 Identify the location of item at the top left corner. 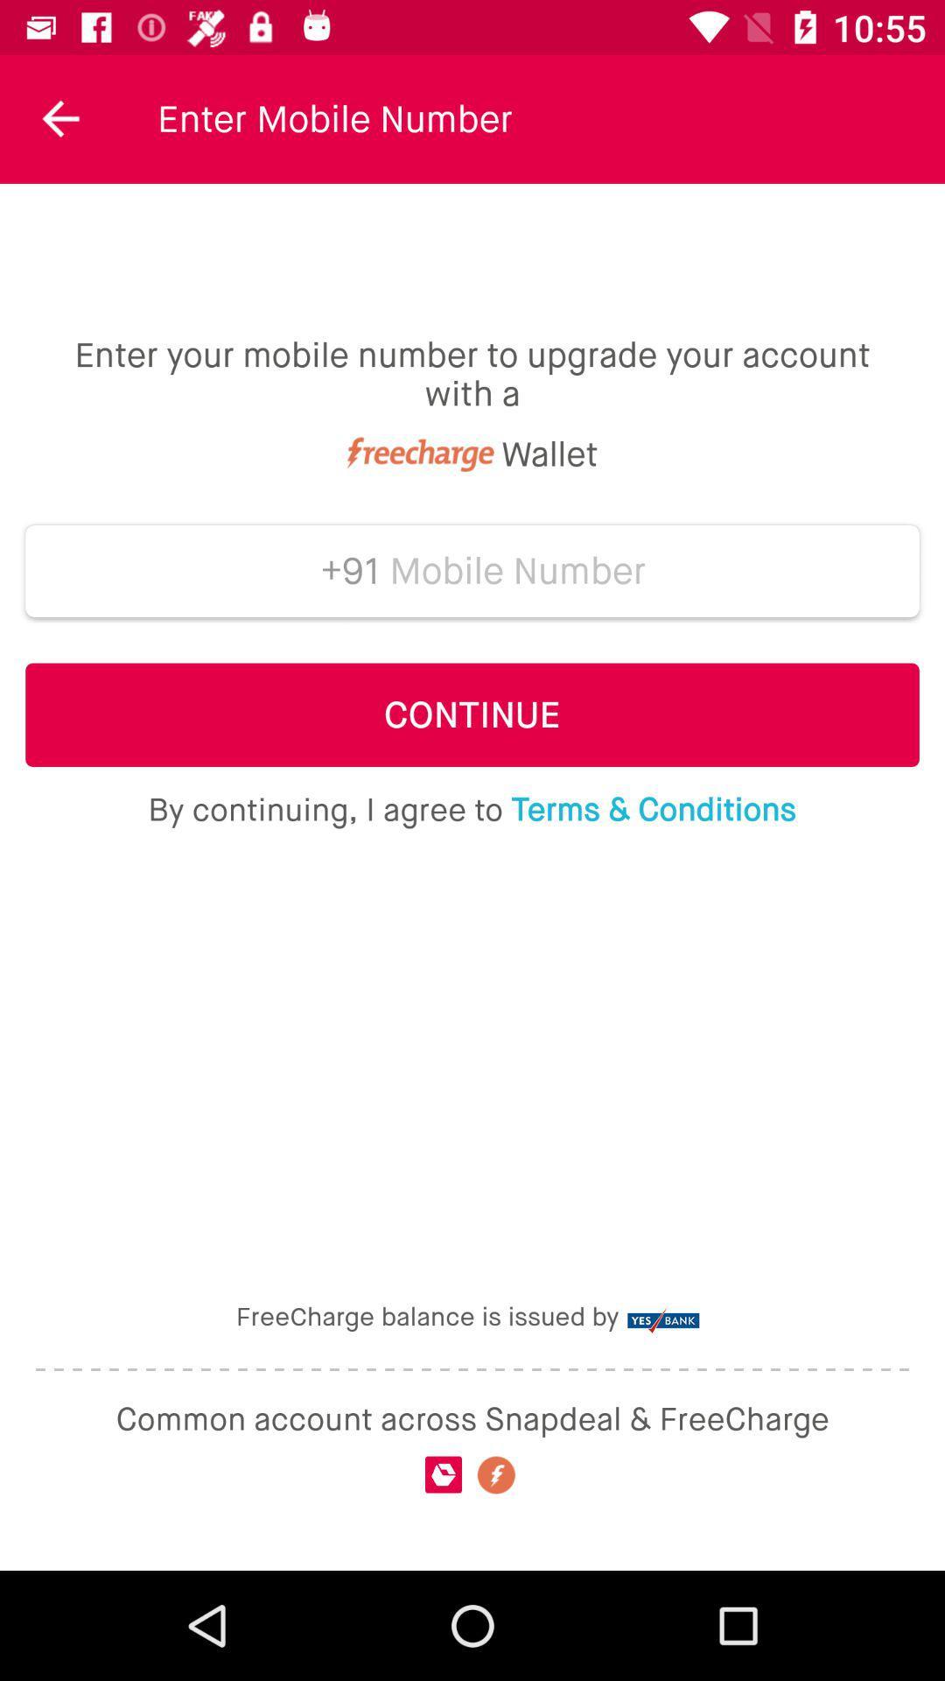
(60, 118).